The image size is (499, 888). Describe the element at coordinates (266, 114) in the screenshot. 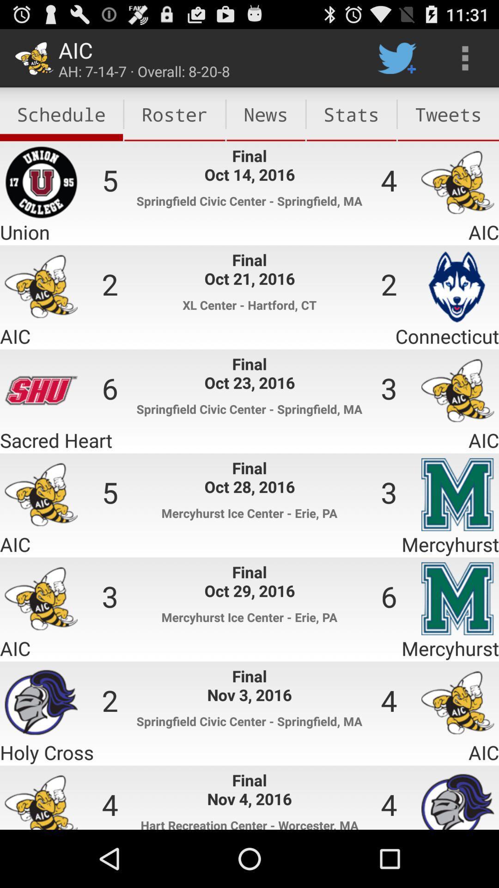

I see `item to the left of stats icon` at that location.